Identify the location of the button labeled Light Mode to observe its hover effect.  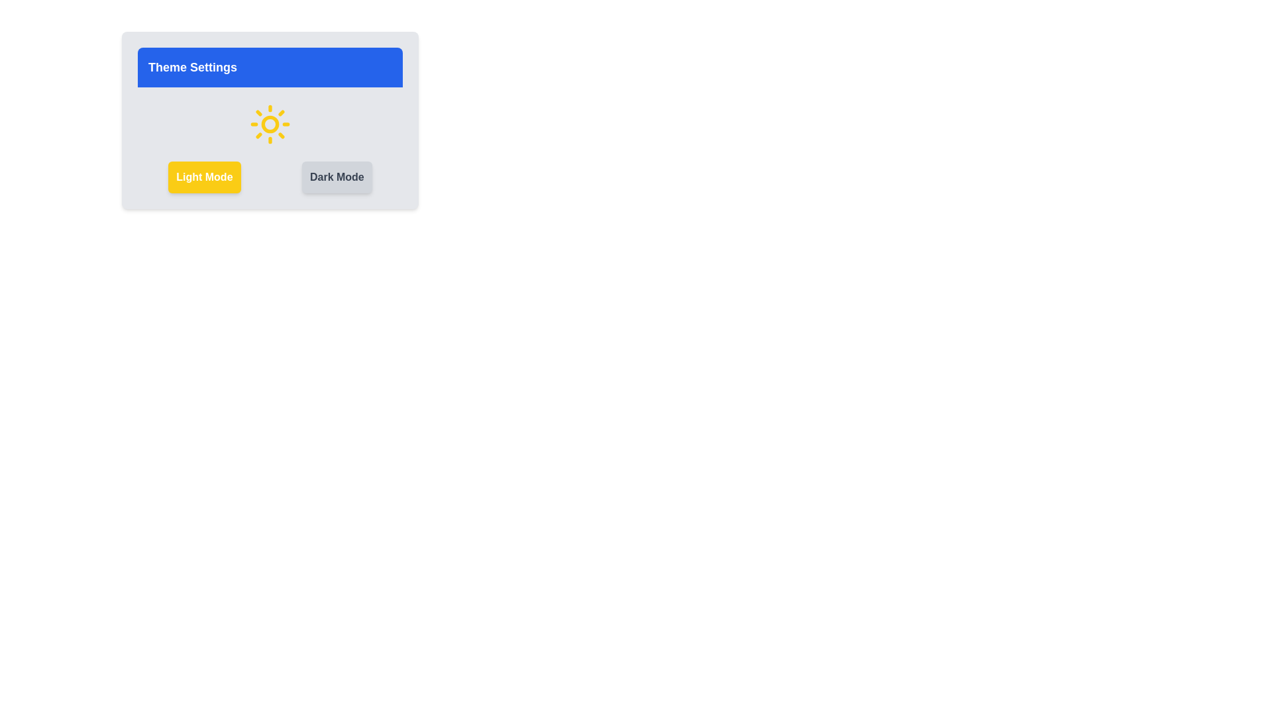
(203, 176).